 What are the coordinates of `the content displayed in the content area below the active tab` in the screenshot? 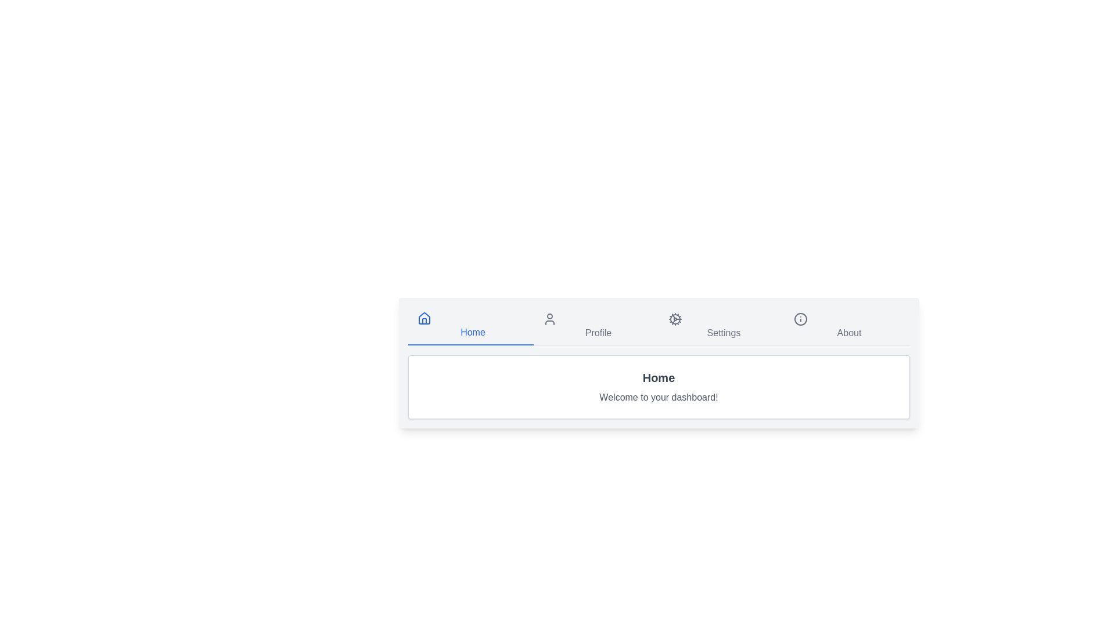 It's located at (659, 387).